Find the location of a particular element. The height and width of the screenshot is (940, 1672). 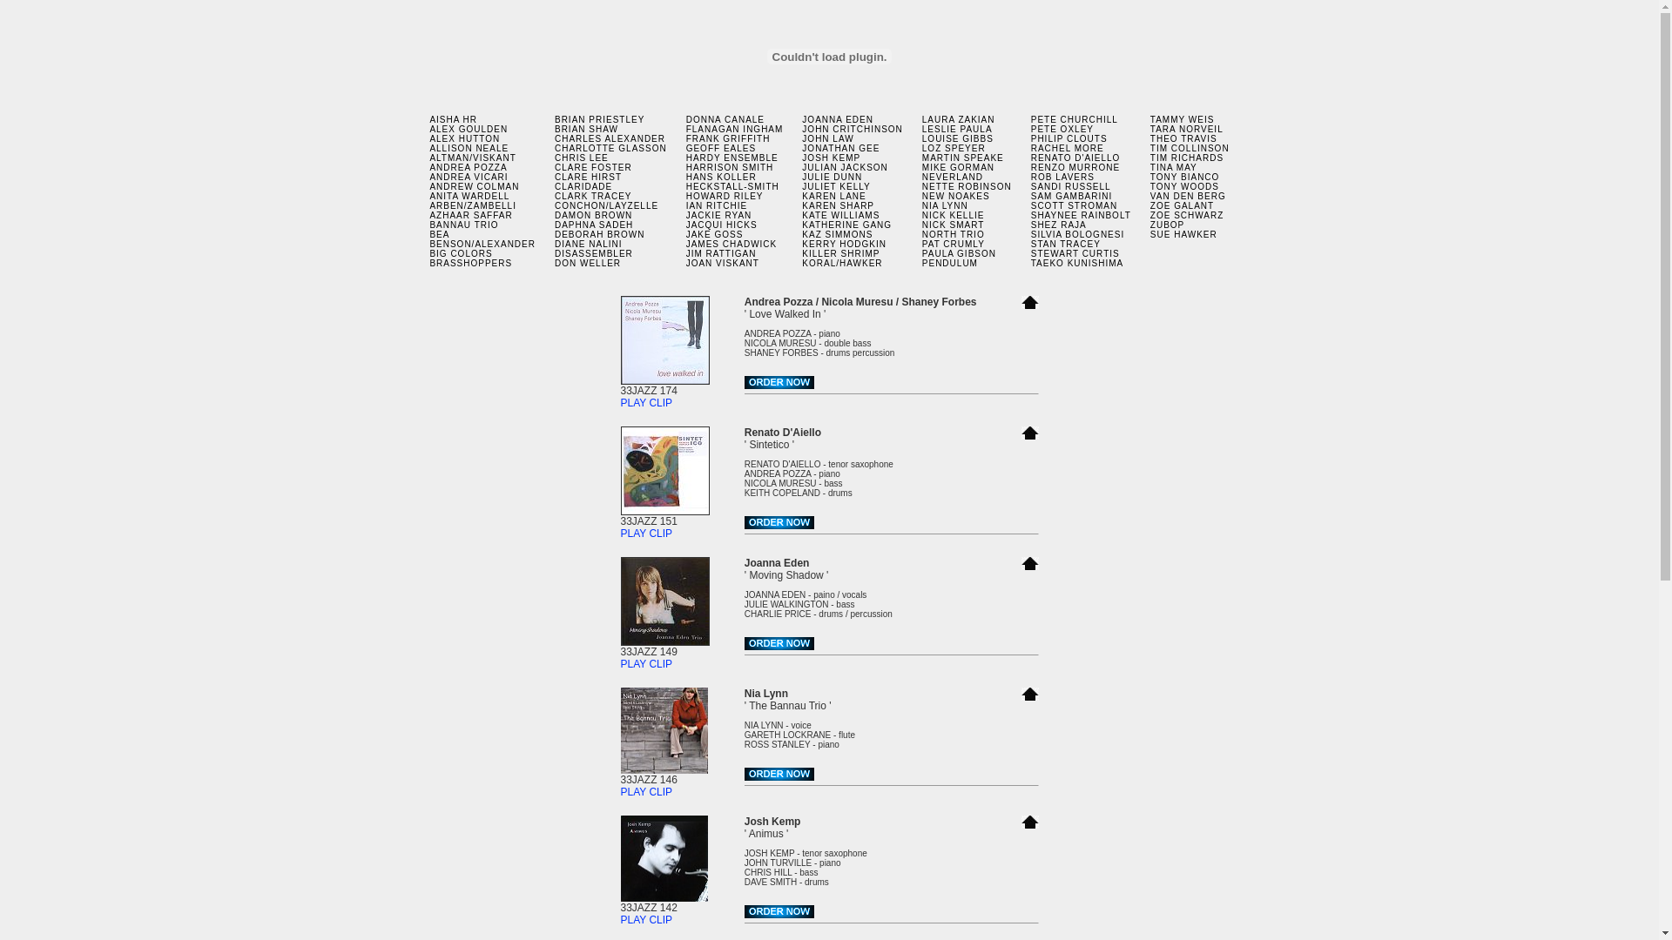

'ZOE GALANT' is located at coordinates (1182, 205).